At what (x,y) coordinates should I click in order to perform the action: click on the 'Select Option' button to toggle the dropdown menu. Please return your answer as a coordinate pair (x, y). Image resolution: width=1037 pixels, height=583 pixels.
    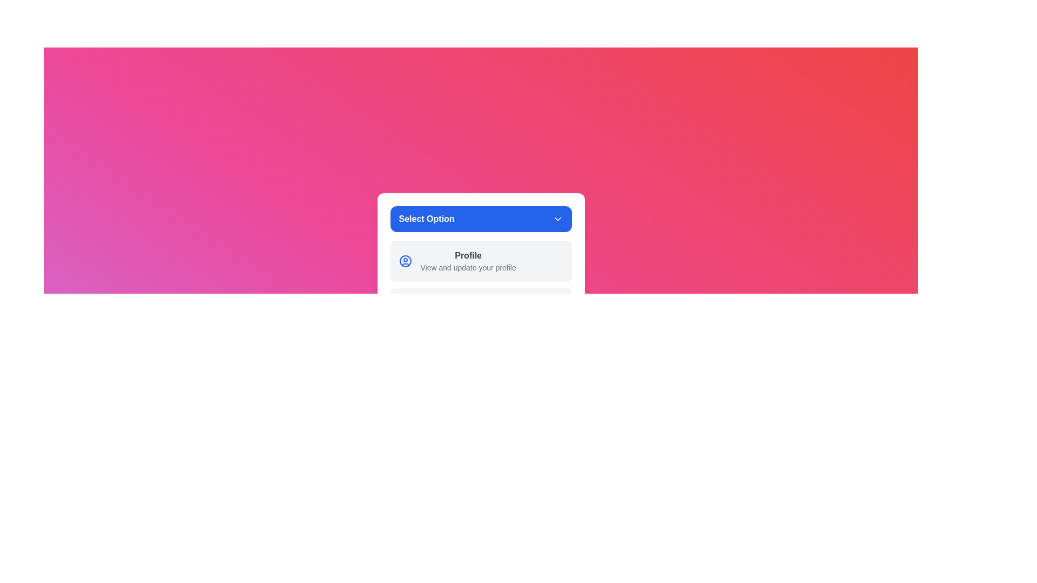
    Looking at the image, I should click on (480, 219).